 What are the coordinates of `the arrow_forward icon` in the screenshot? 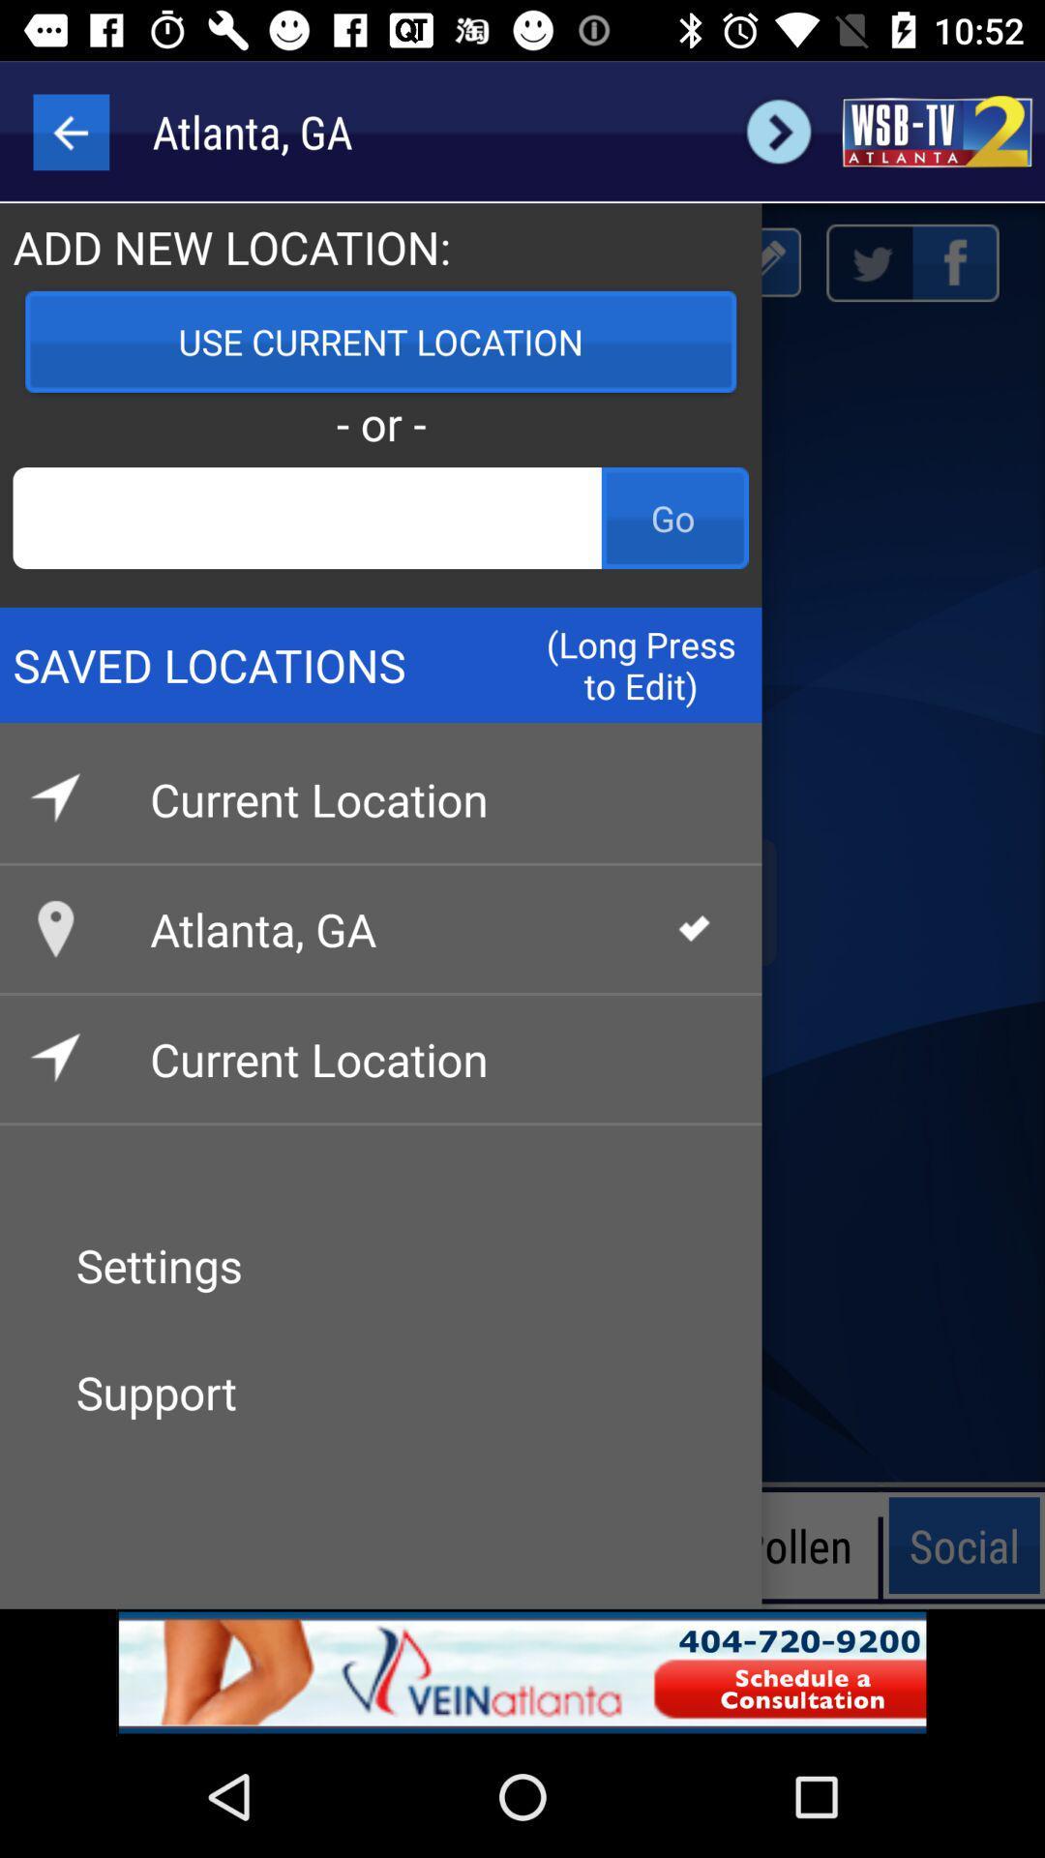 It's located at (778, 131).